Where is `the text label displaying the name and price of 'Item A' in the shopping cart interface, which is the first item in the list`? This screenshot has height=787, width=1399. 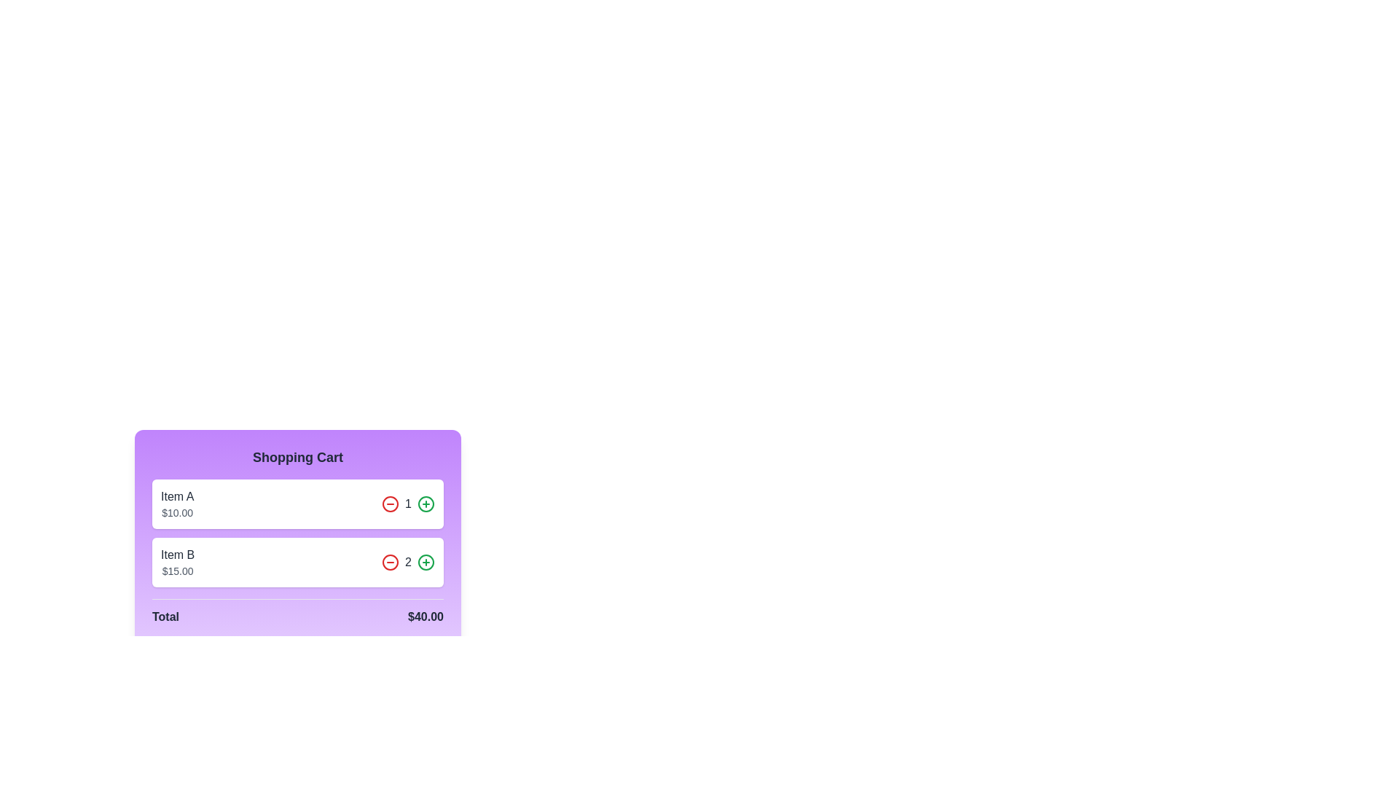
the text label displaying the name and price of 'Item A' in the shopping cart interface, which is the first item in the list is located at coordinates (176, 503).